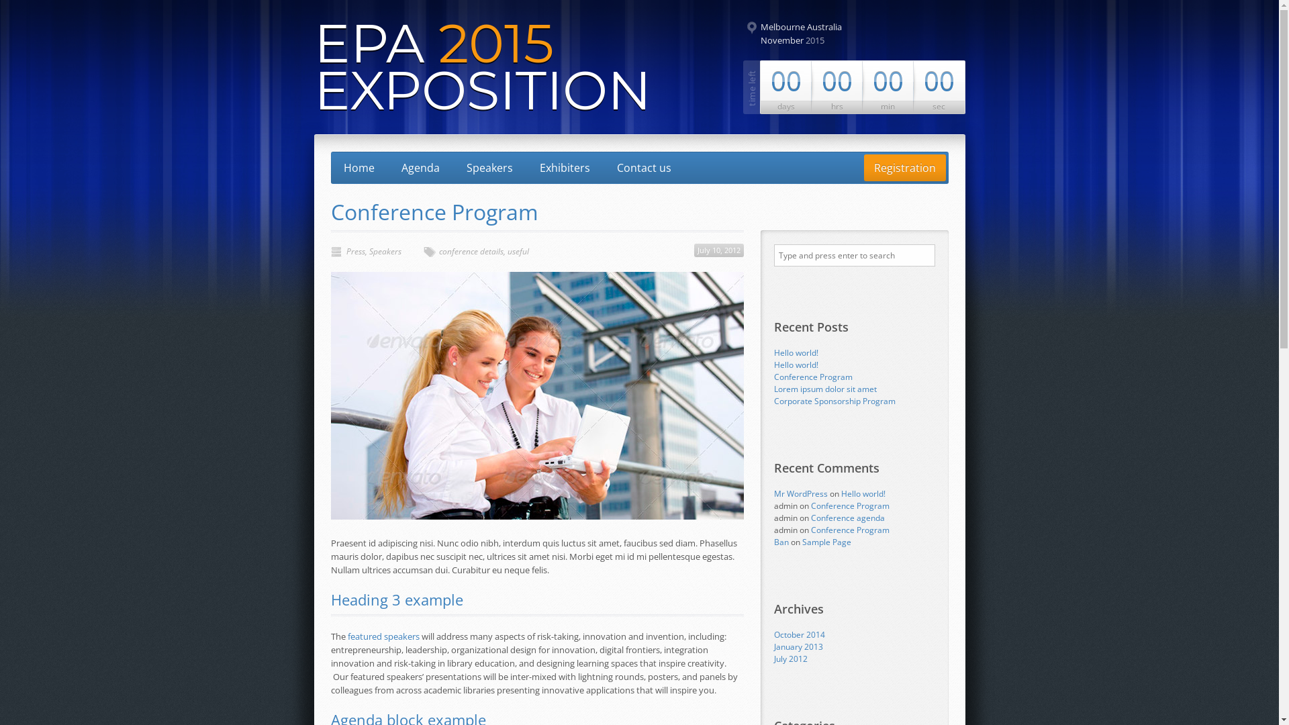  What do you see at coordinates (369, 251) in the screenshot?
I see `'Speakers'` at bounding box center [369, 251].